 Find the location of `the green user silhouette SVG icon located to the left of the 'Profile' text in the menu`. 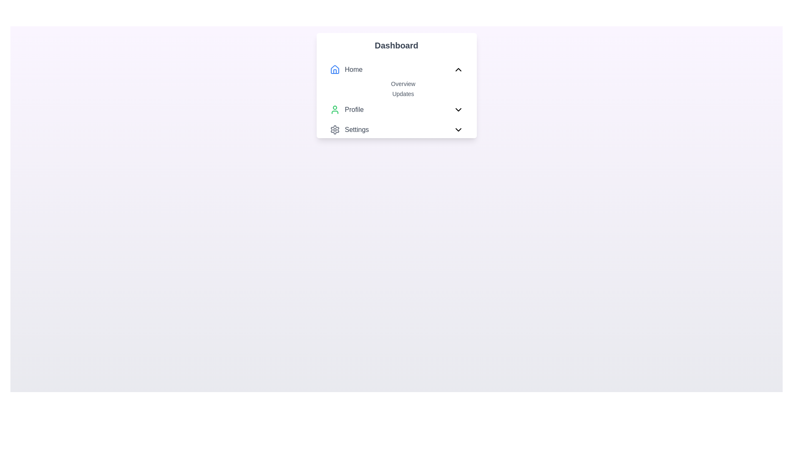

the green user silhouette SVG icon located to the left of the 'Profile' text in the menu is located at coordinates (335, 109).